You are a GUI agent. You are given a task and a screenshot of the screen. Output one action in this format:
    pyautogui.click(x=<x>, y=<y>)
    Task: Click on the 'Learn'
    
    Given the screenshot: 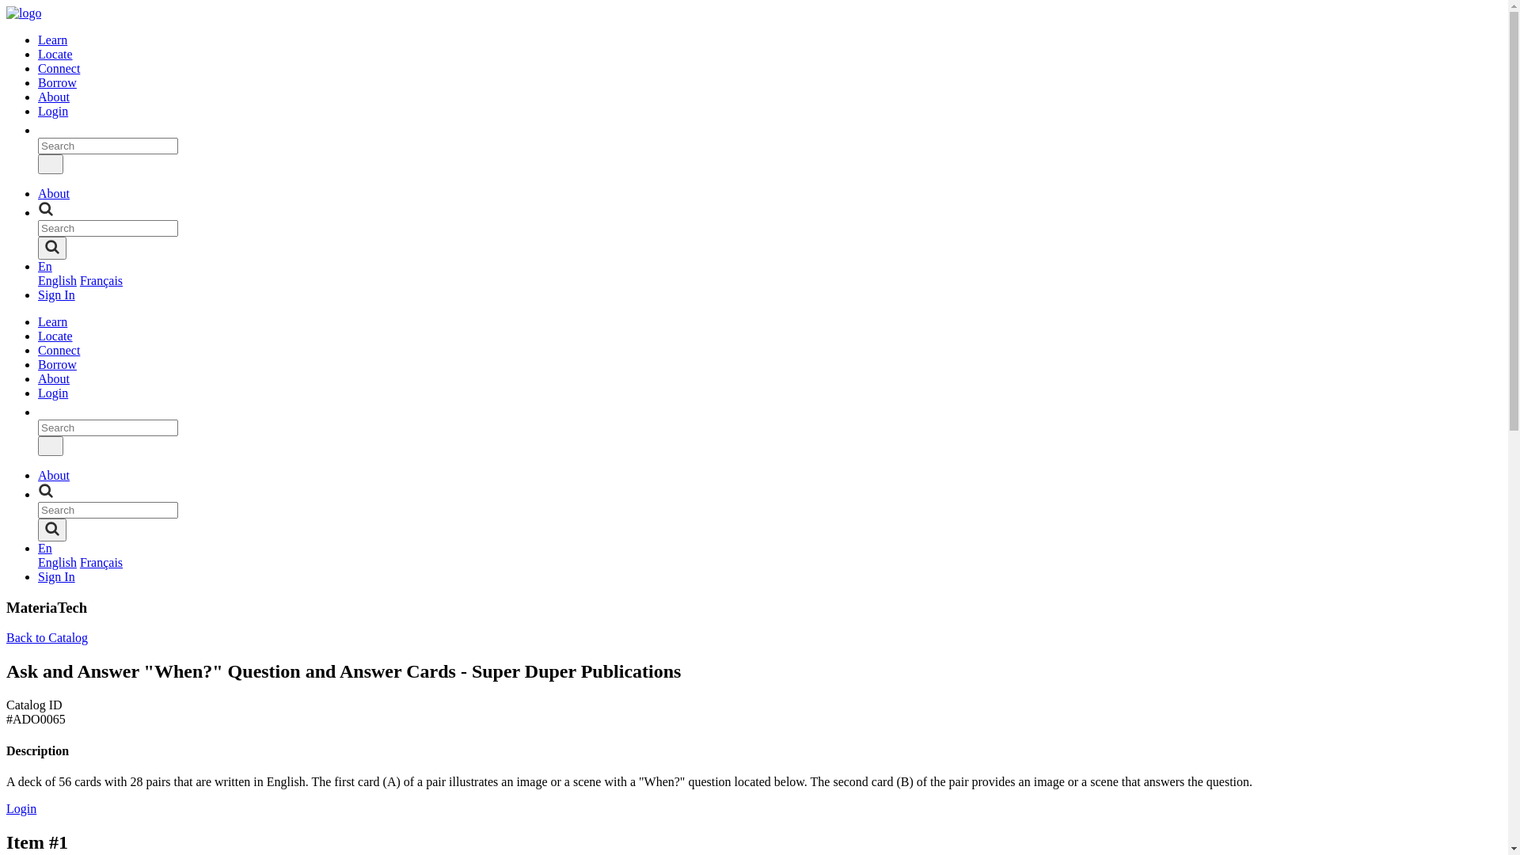 What is the action you would take?
    pyautogui.click(x=52, y=39)
    